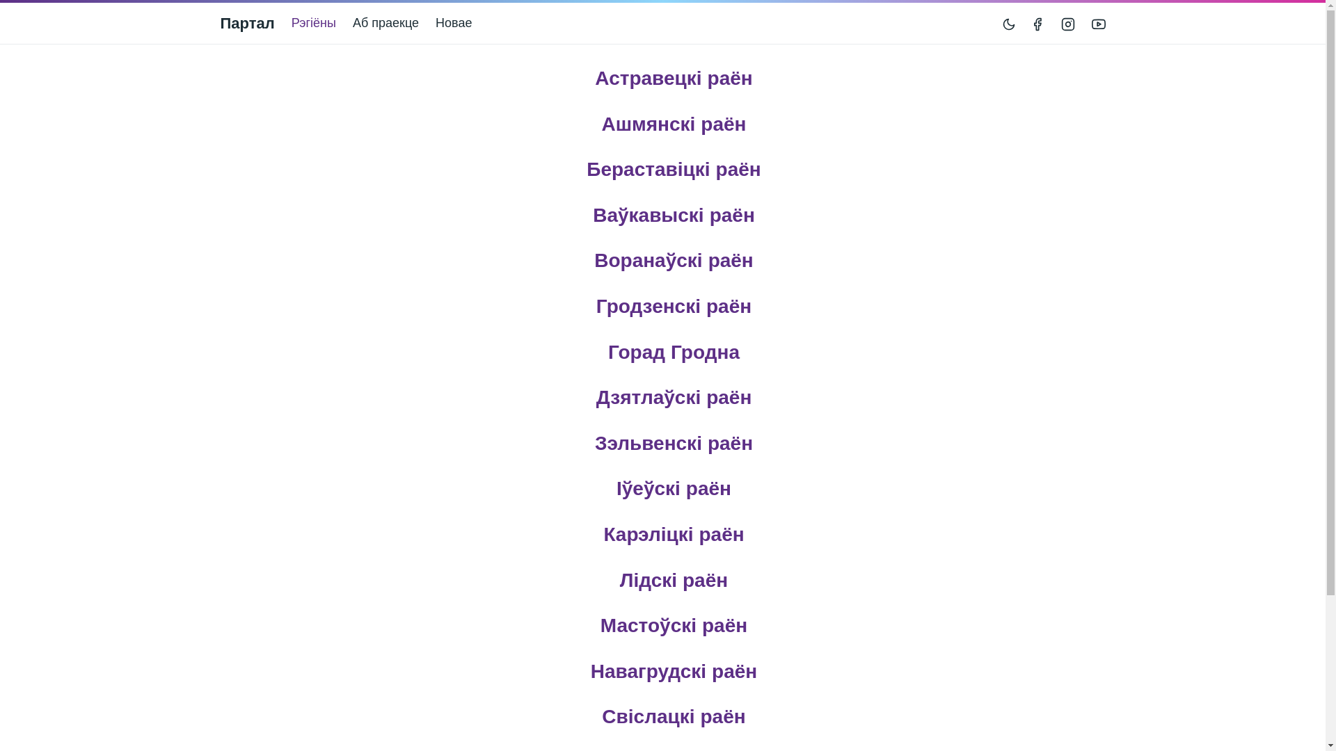  Describe the element at coordinates (1085, 23) in the screenshot. I see `'YouTube'` at that location.